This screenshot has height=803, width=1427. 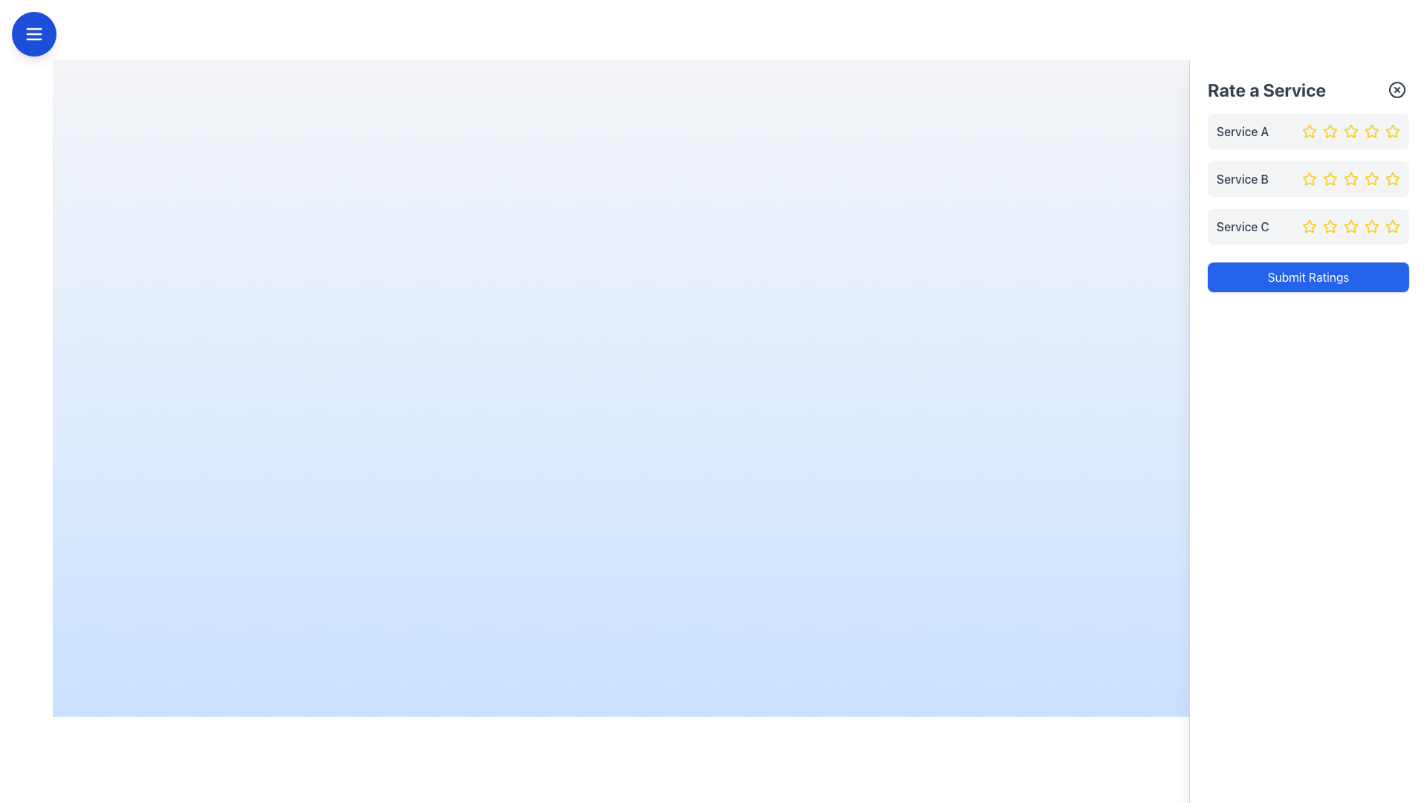 I want to click on the fourth yellow star icon, so click(x=1370, y=130).